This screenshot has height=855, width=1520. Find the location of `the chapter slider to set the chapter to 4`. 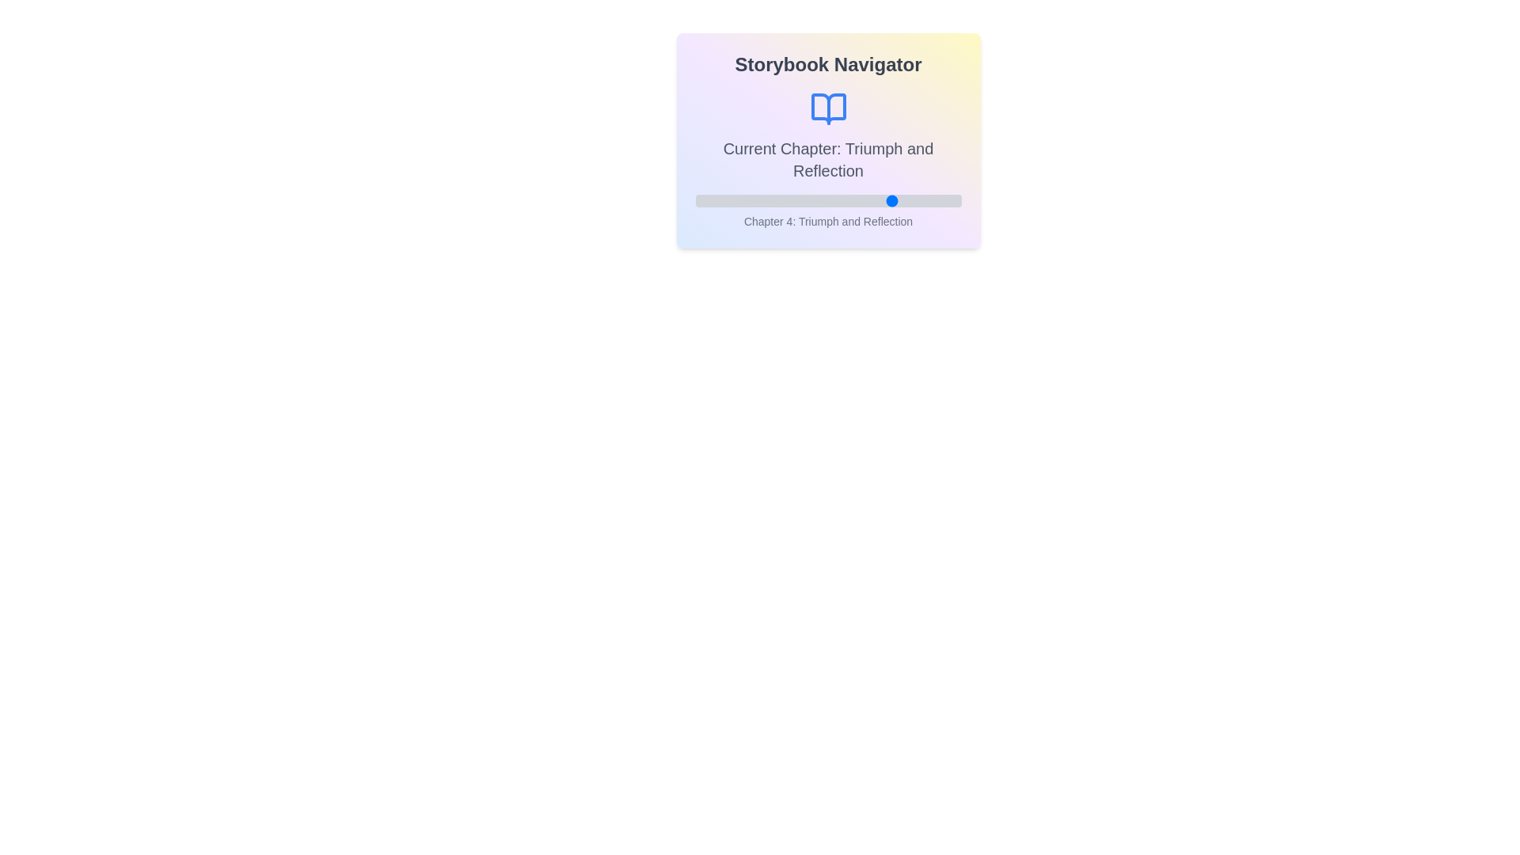

the chapter slider to set the chapter to 4 is located at coordinates (895, 200).